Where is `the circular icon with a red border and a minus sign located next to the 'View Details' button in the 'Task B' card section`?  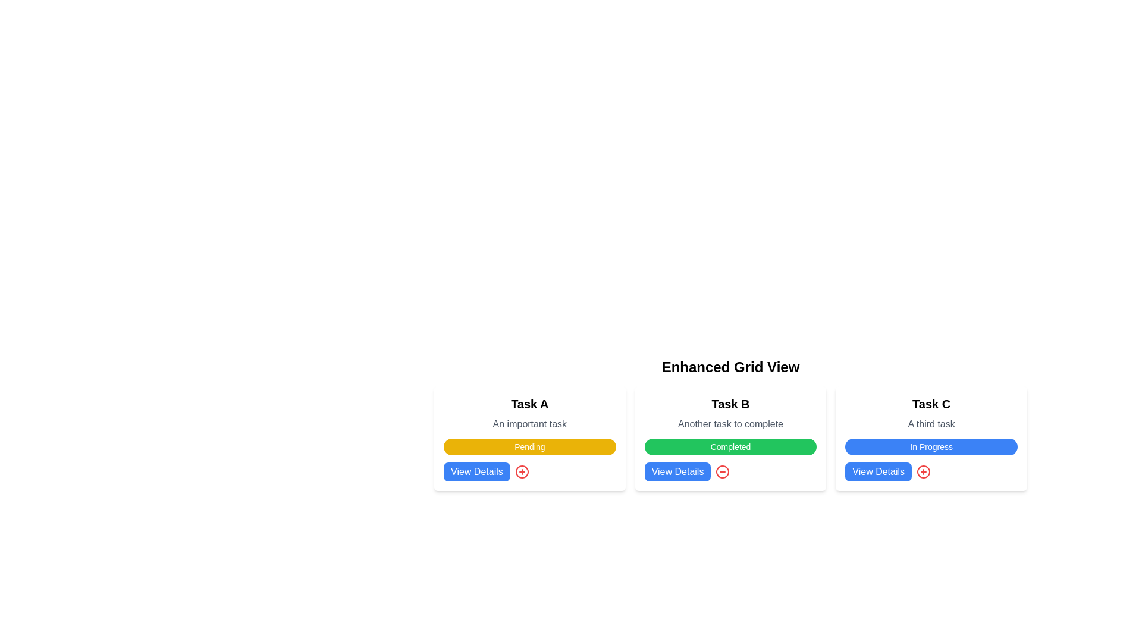 the circular icon with a red border and a minus sign located next to the 'View Details' button in the 'Task B' card section is located at coordinates (730, 471).